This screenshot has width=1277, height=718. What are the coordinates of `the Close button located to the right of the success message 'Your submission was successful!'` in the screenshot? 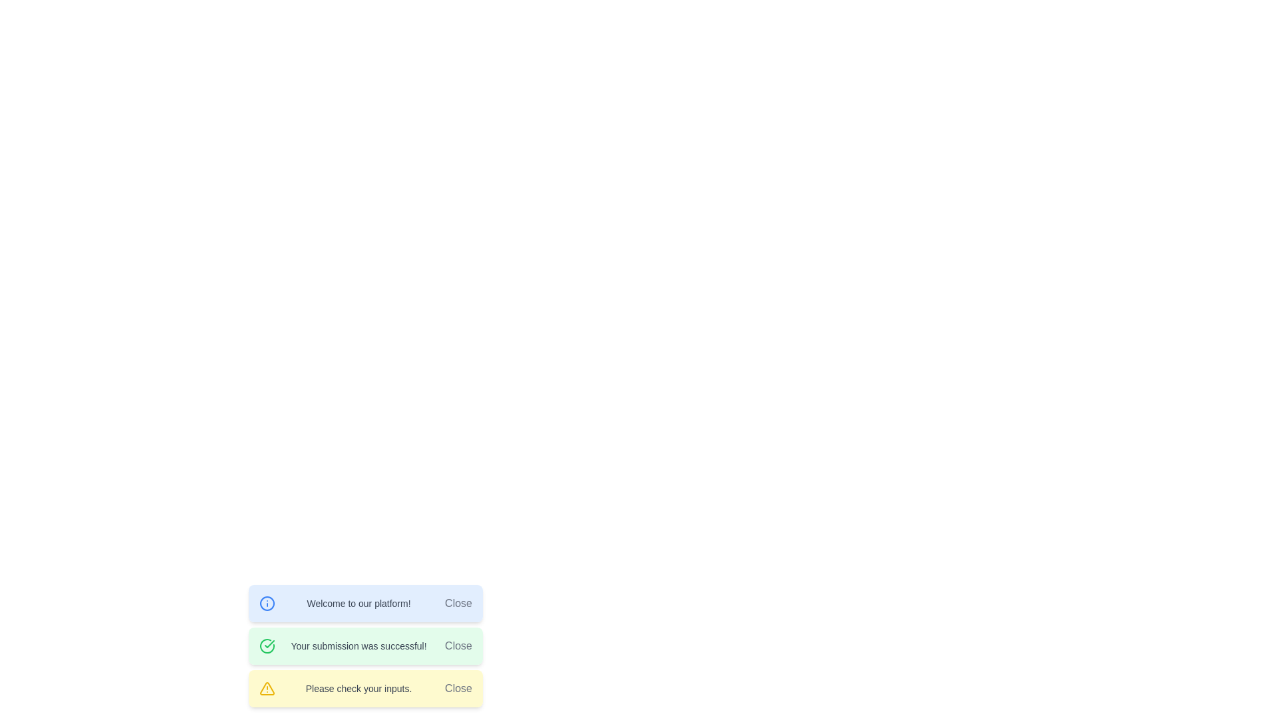 It's located at (458, 646).